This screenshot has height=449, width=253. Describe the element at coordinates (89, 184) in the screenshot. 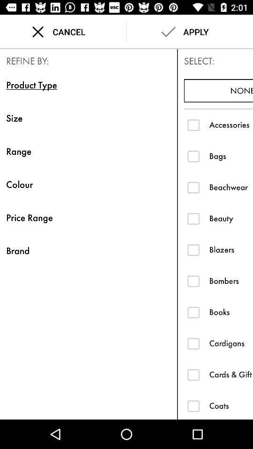

I see `the colour item` at that location.